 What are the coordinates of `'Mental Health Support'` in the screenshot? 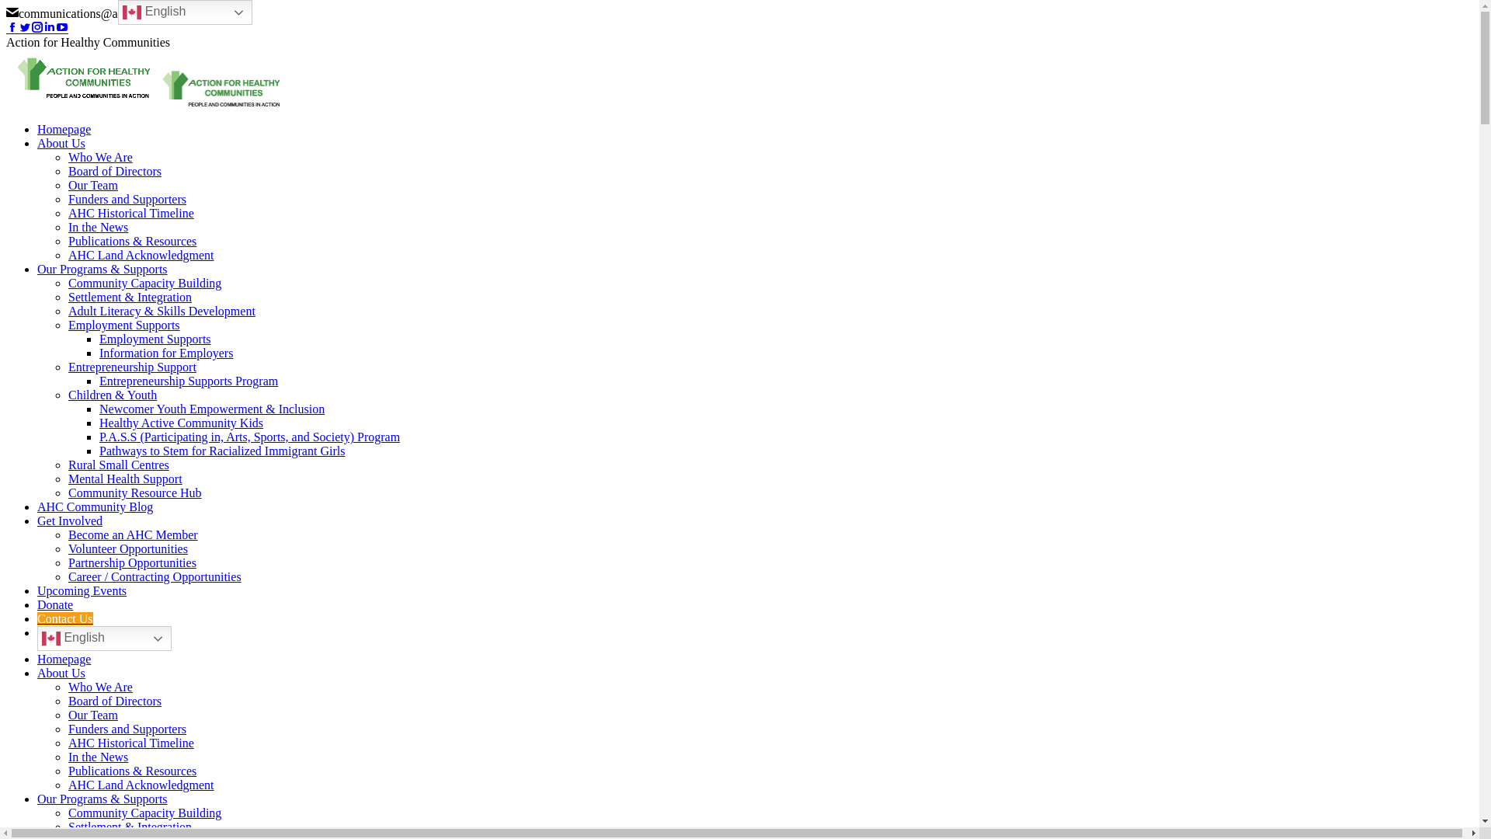 It's located at (125, 478).